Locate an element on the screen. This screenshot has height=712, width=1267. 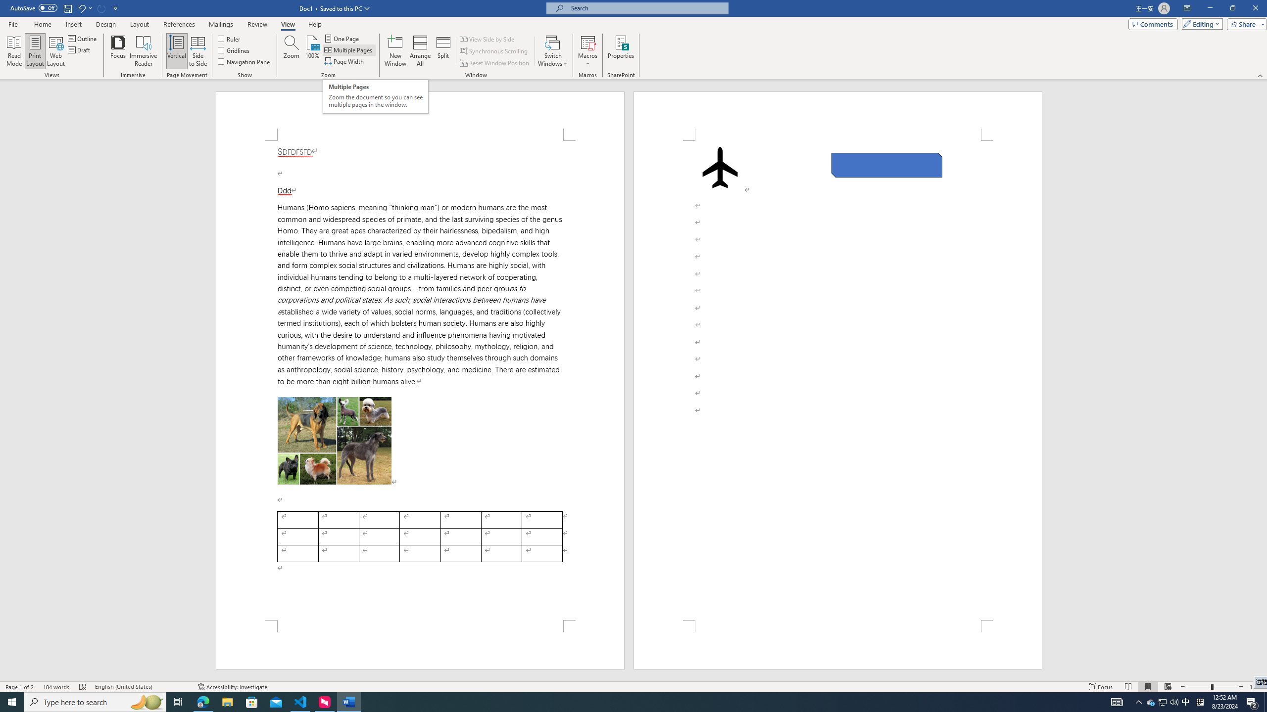
'Arrange All' is located at coordinates (420, 51).